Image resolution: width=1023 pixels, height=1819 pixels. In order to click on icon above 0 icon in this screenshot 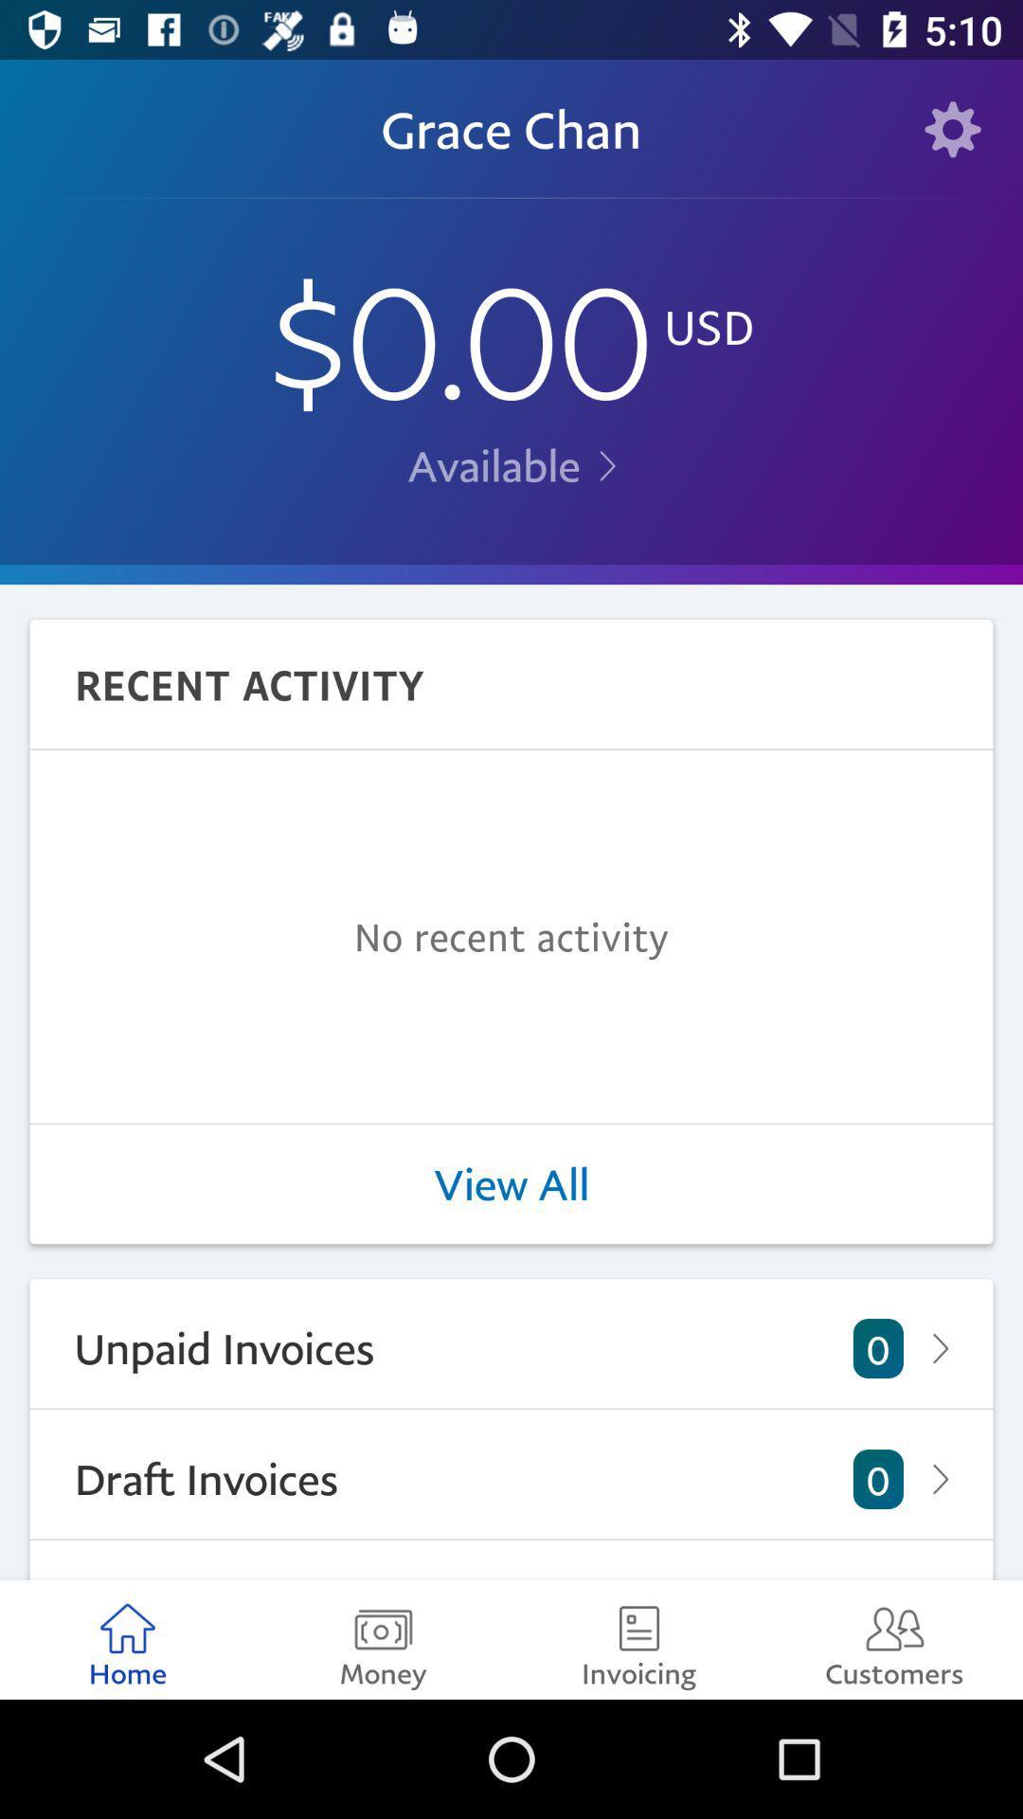, I will do `click(511, 1183)`.